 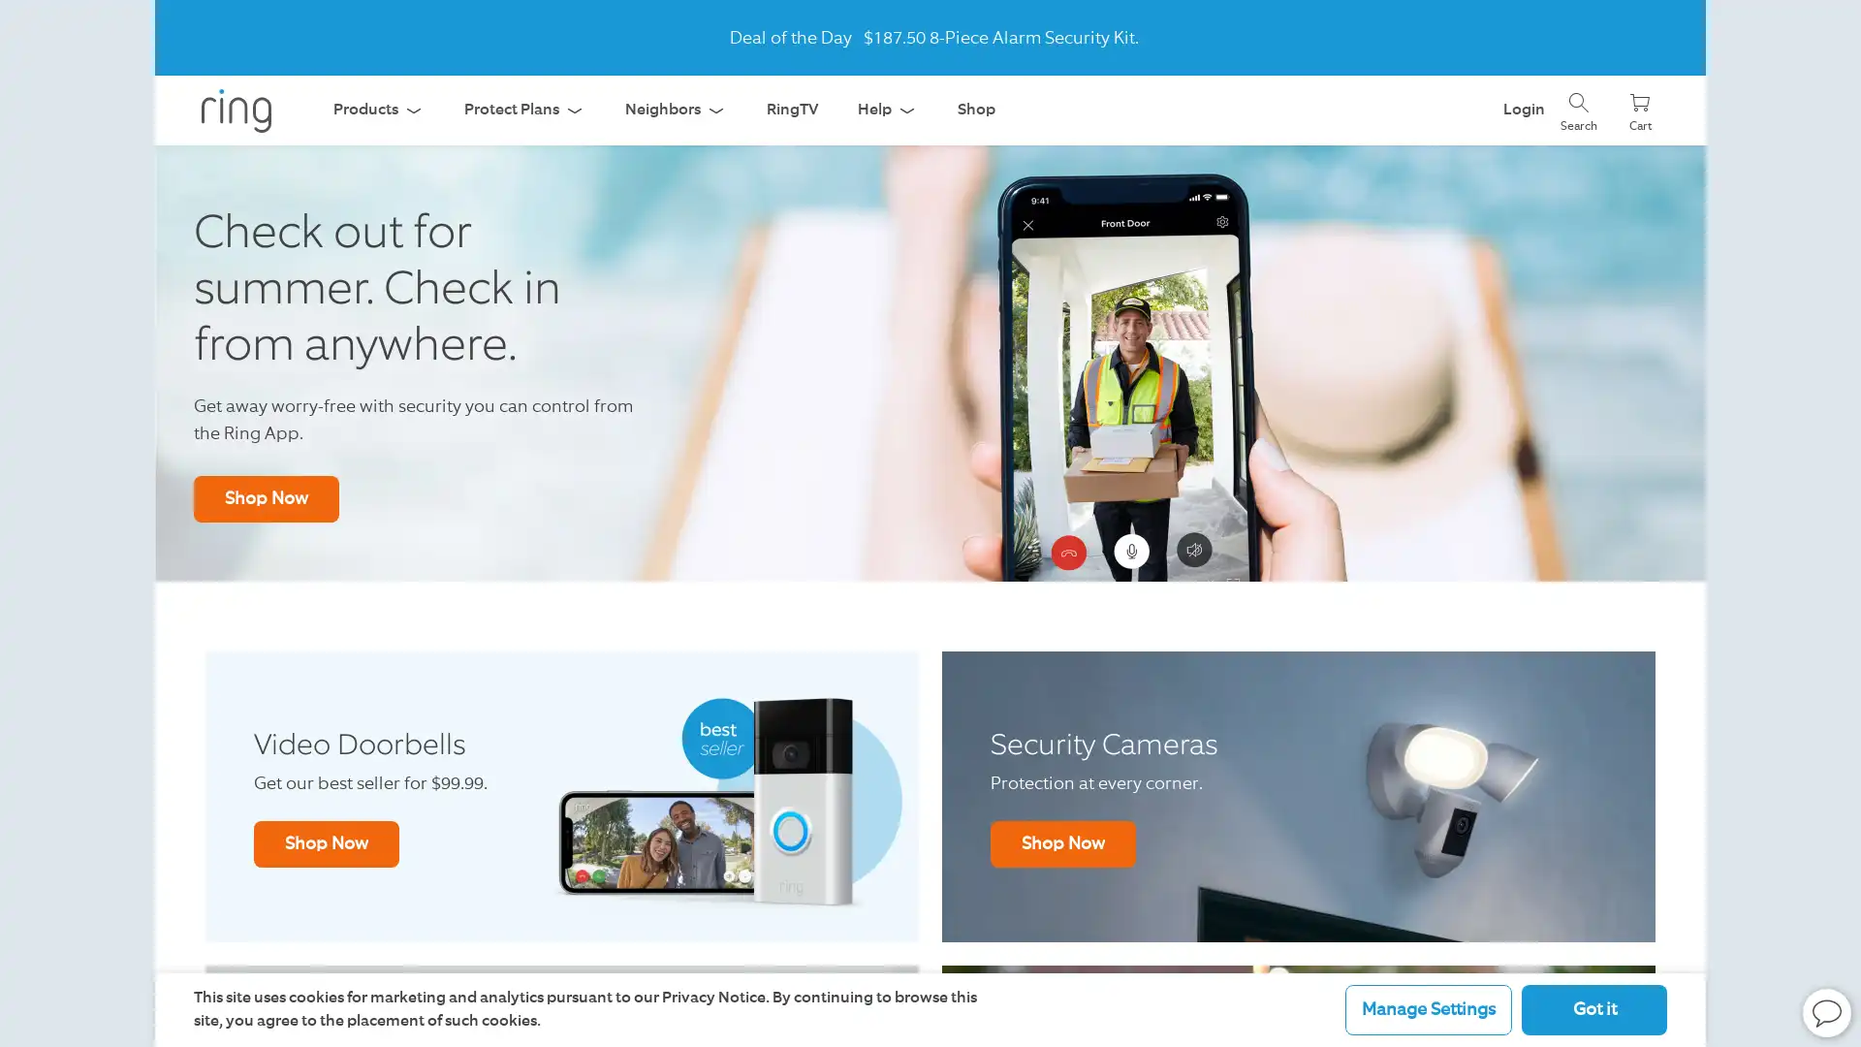 What do you see at coordinates (1062, 843) in the screenshot?
I see `Shop Now` at bounding box center [1062, 843].